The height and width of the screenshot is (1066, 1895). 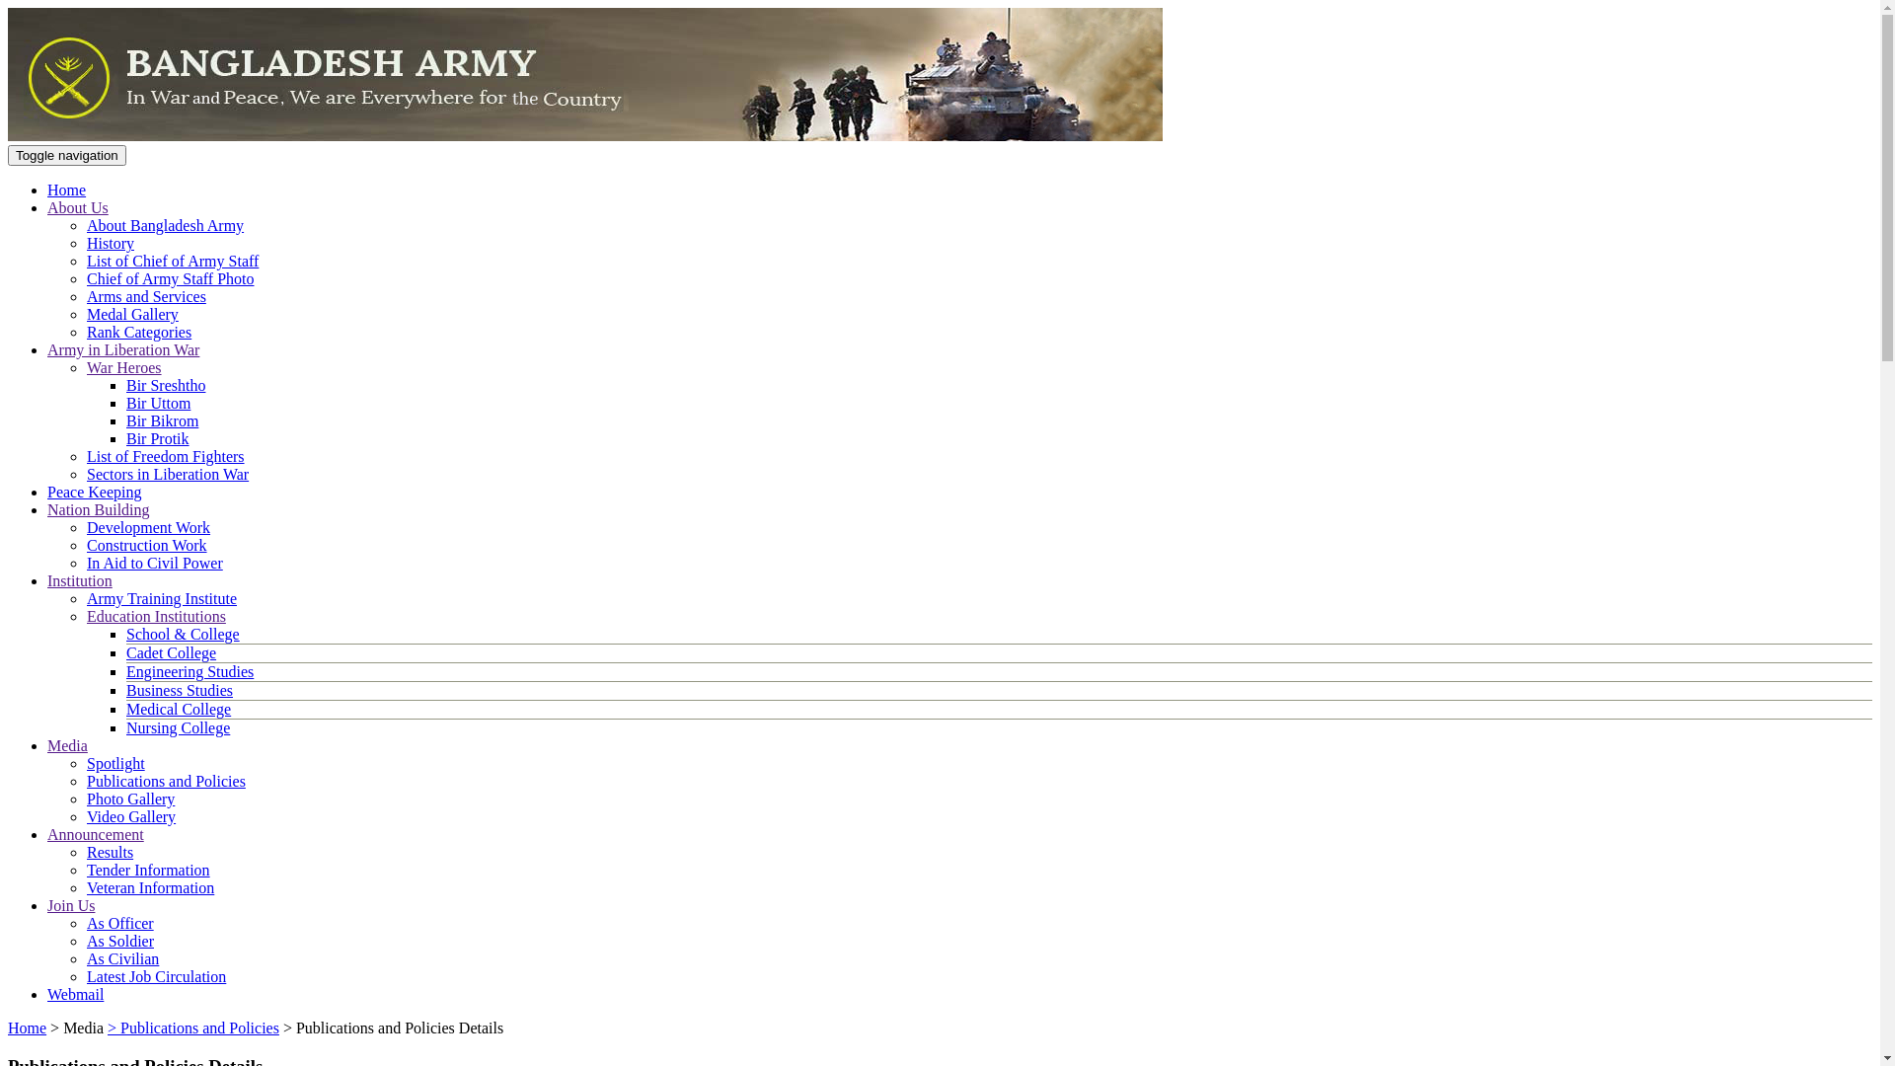 I want to click on 'Development Work', so click(x=147, y=526).